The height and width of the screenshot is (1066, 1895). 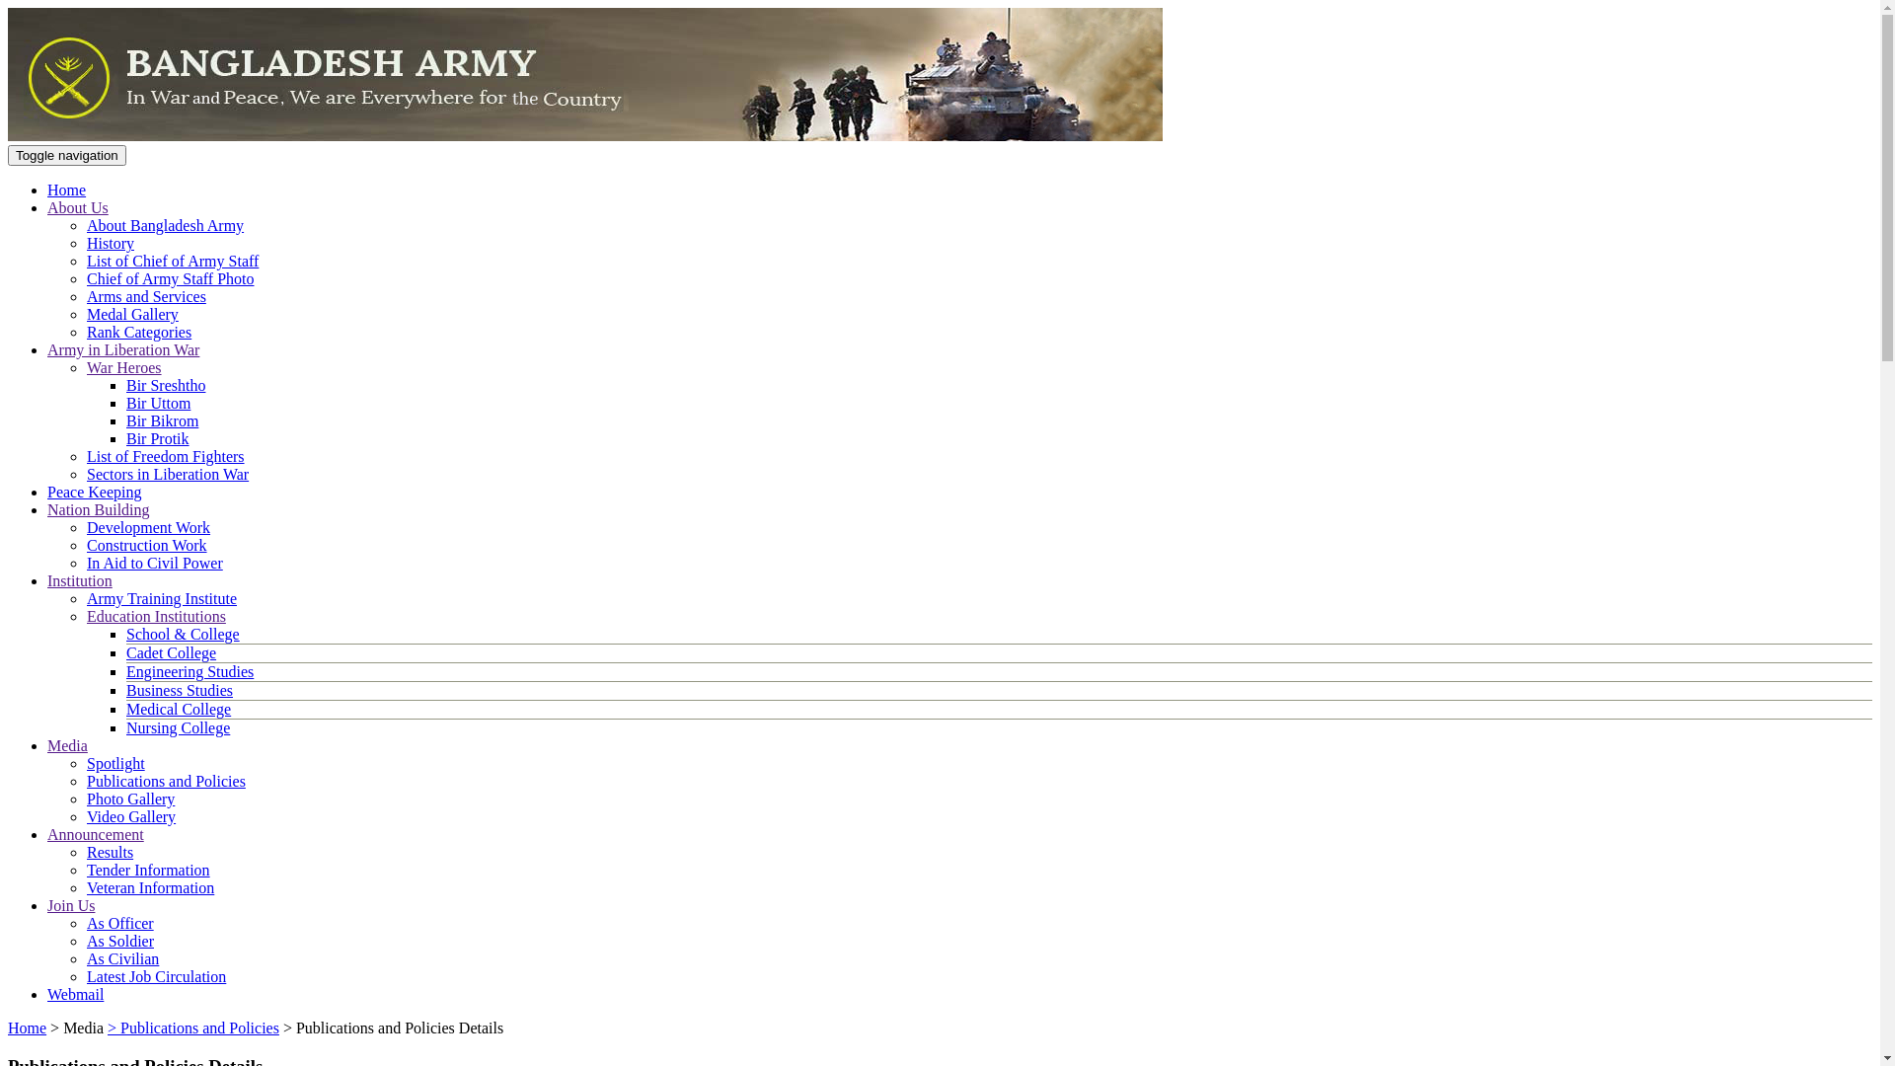 I want to click on 'Development Work', so click(x=147, y=526).